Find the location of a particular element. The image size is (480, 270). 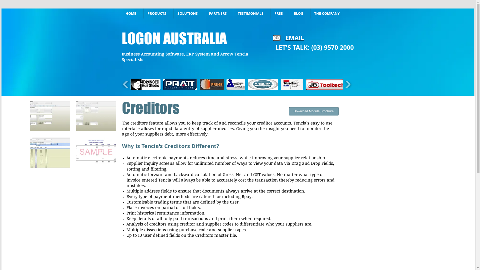

'TESTIMONIALS' is located at coordinates (234, 13).